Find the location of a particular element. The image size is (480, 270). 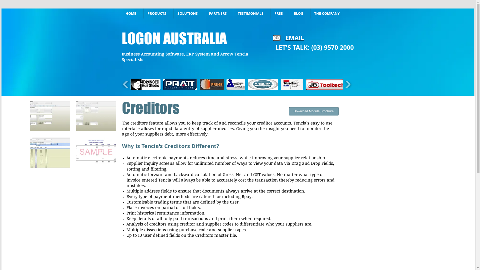

'TESTIMONIALS' is located at coordinates (234, 13).